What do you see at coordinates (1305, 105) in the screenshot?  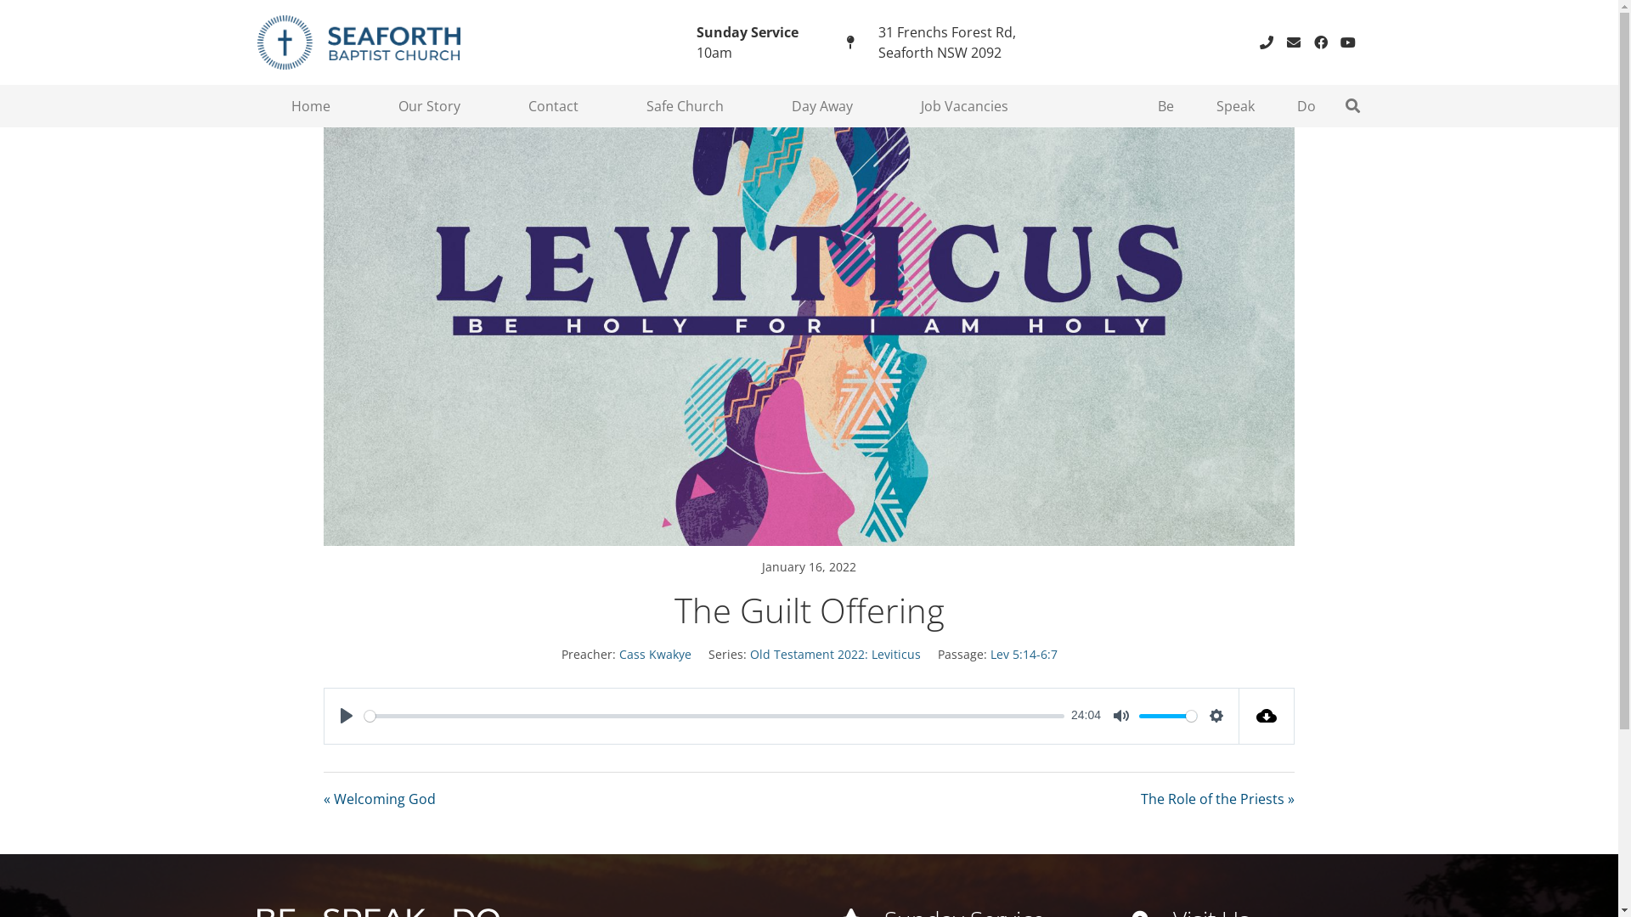 I see `'Do'` at bounding box center [1305, 105].